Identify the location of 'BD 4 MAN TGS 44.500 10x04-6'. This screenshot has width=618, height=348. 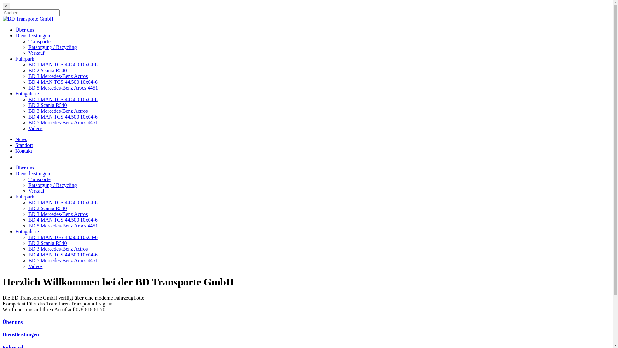
(63, 82).